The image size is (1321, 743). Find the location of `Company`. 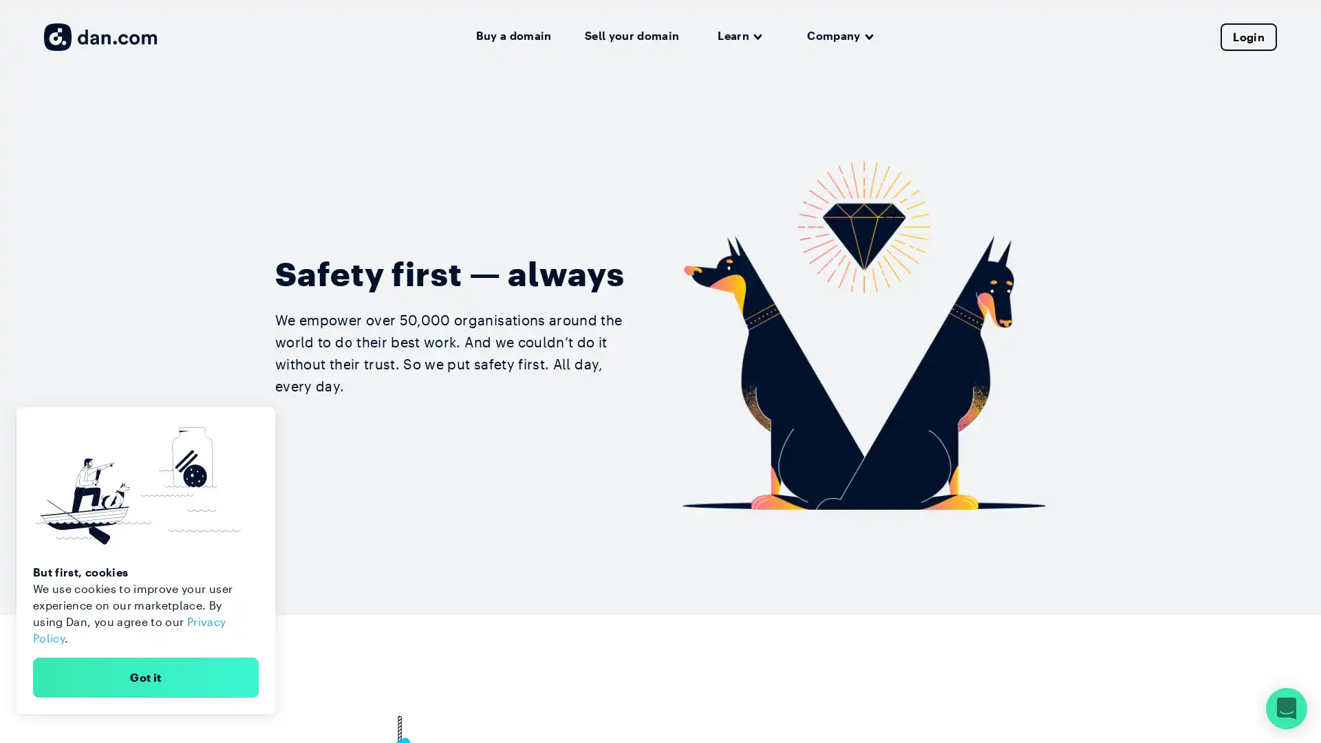

Company is located at coordinates (839, 36).